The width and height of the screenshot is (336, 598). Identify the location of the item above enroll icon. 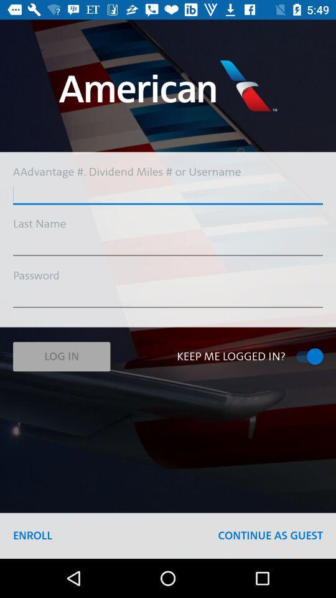
(61, 356).